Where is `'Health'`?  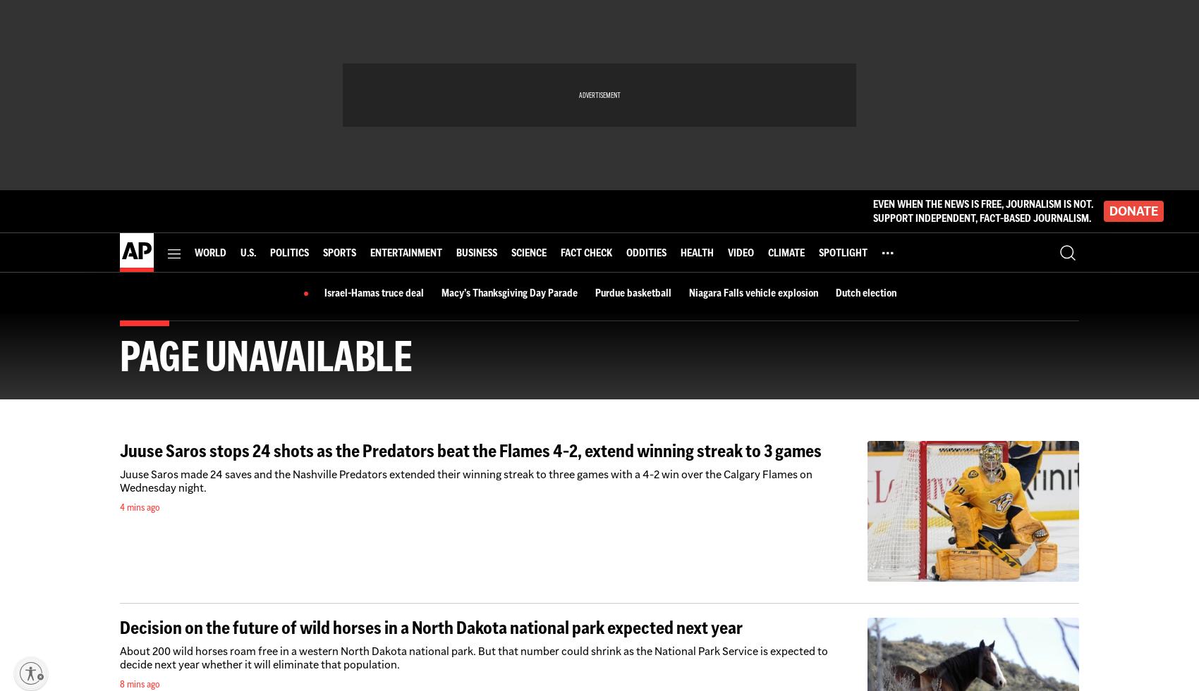
'Health' is located at coordinates (679, 251).